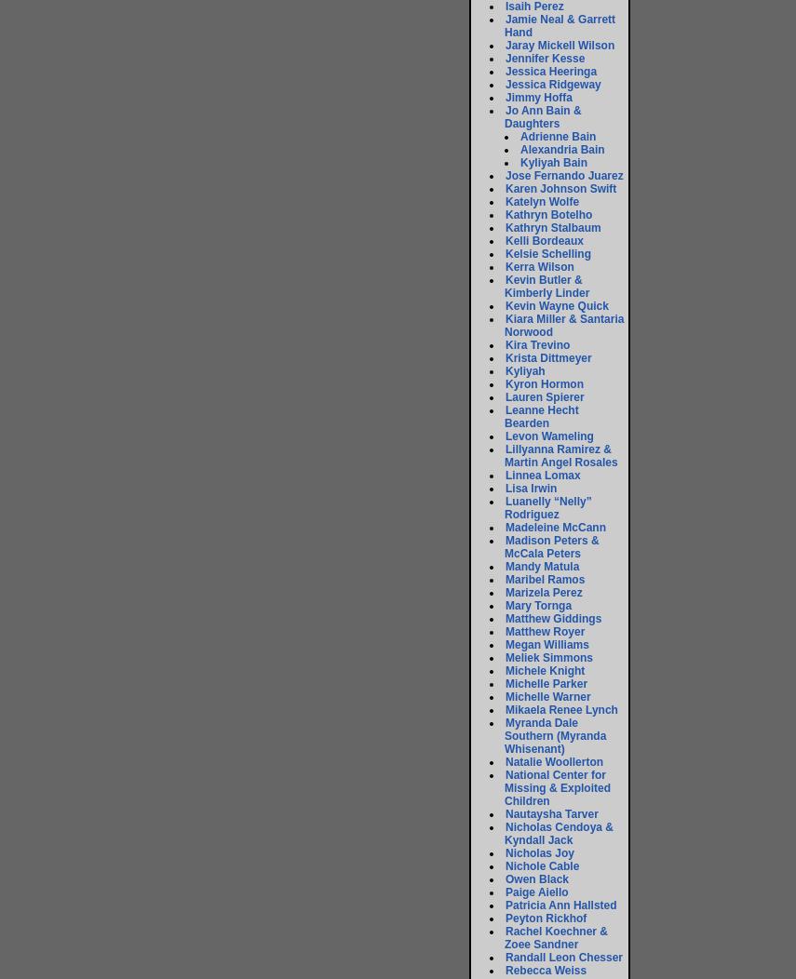 This screenshot has height=979, width=796. Describe the element at coordinates (560, 455) in the screenshot. I see `'Lillyanna Ramirez & Martin Angel Rosales'` at that location.